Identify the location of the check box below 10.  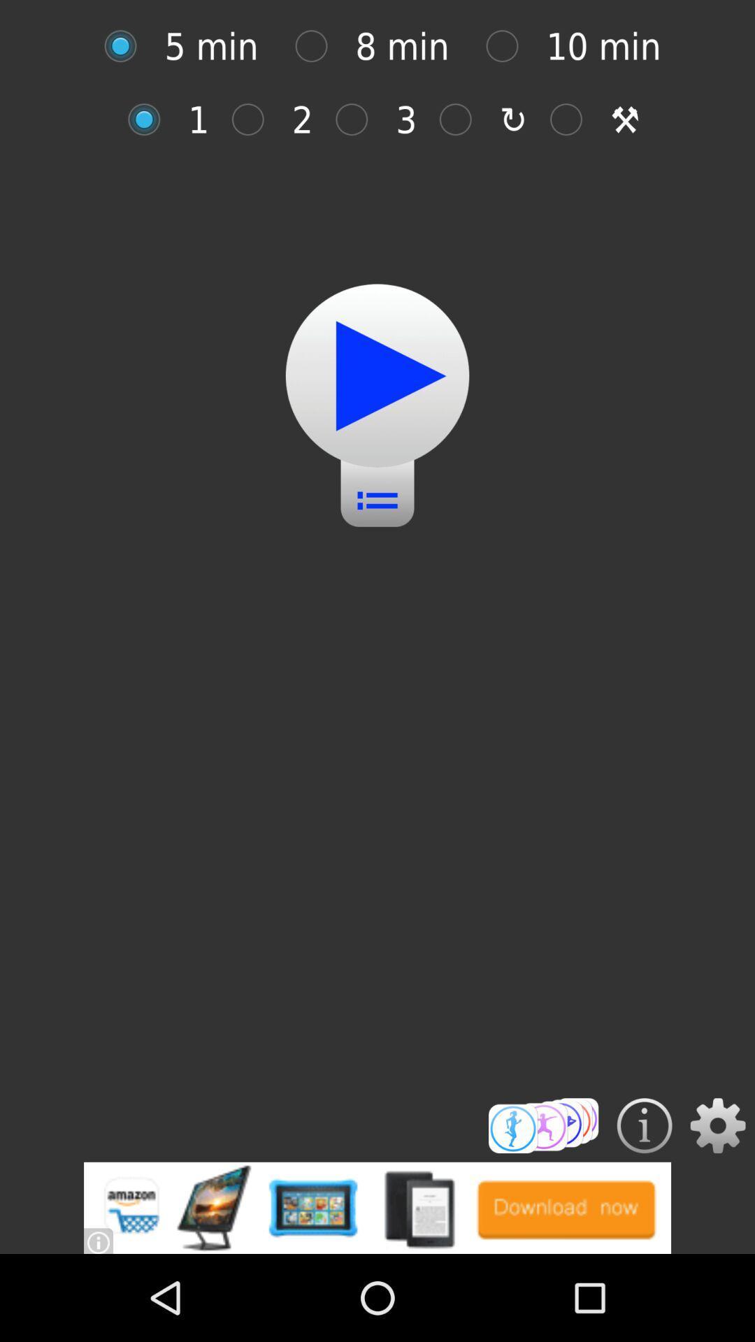
(573, 120).